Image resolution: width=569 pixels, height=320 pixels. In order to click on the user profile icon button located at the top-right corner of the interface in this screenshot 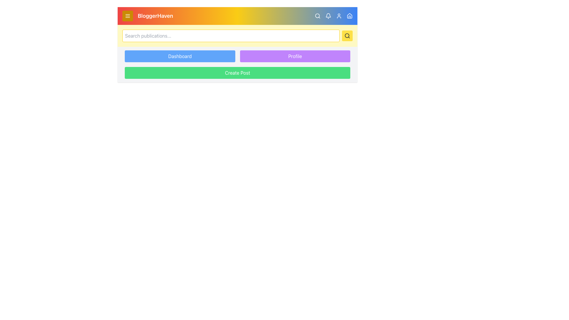, I will do `click(339, 16)`.